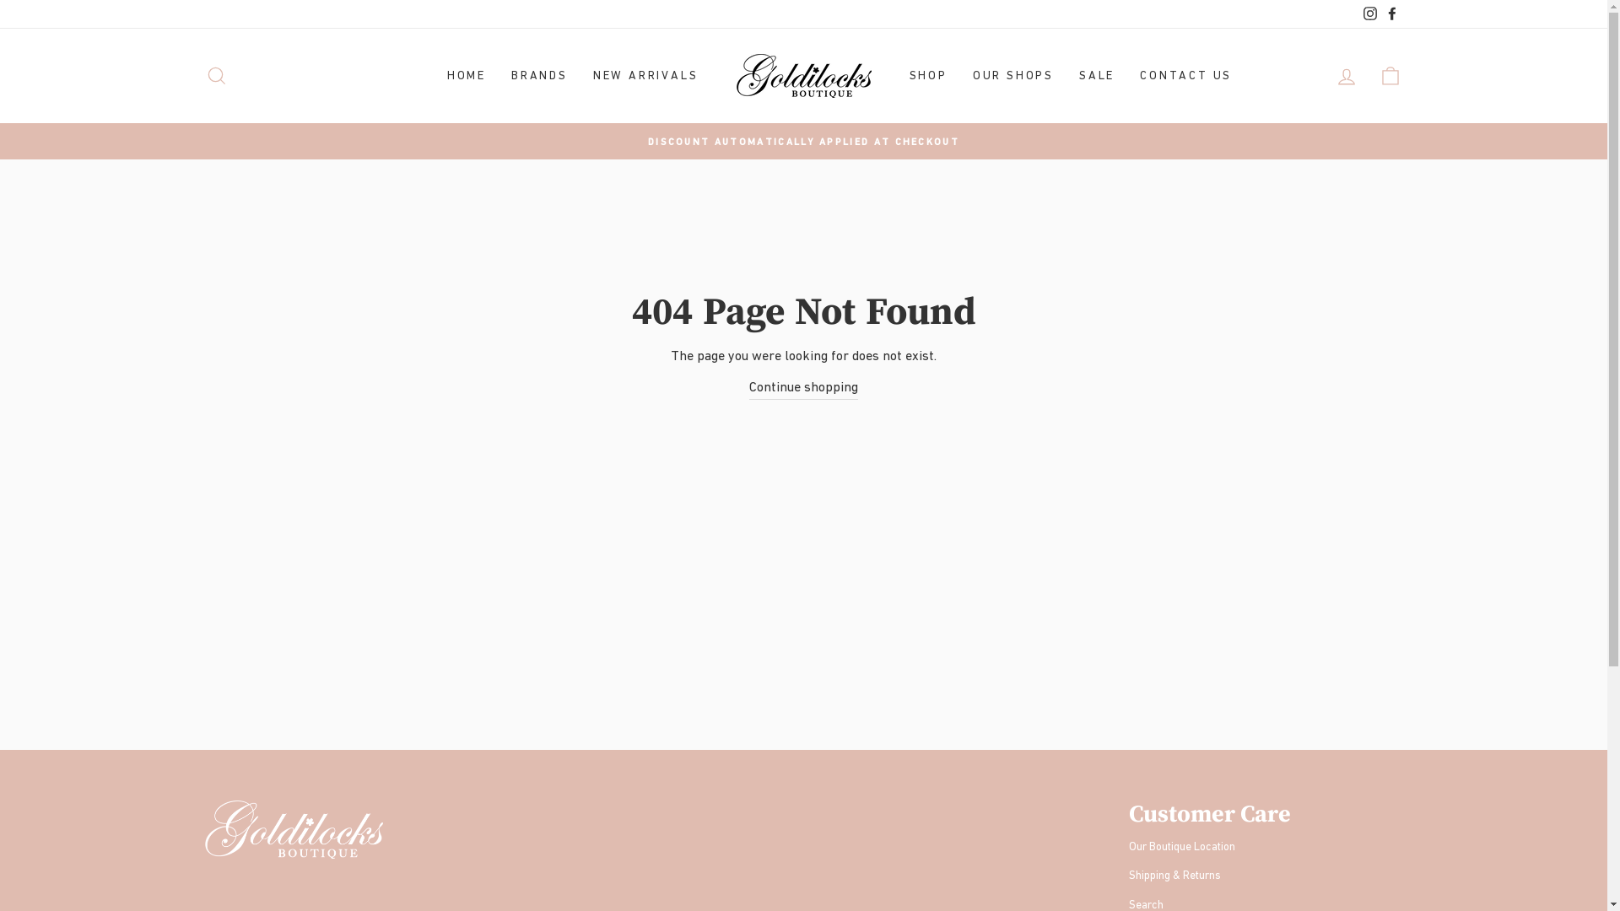 The width and height of the screenshot is (1620, 911). I want to click on 'OUR SHOPS', so click(1012, 76).